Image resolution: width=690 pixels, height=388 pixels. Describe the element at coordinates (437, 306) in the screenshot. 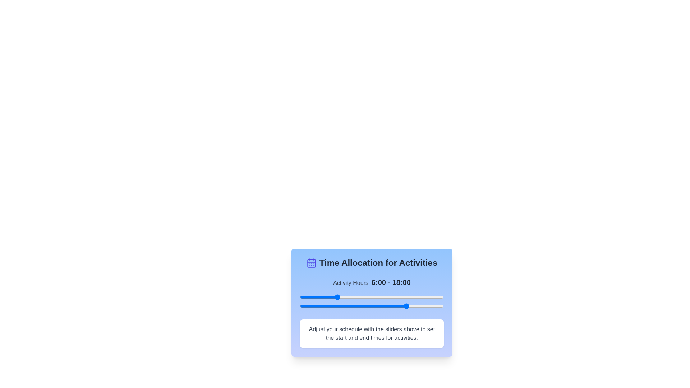

I see `the end time slider to 23 hours` at that location.